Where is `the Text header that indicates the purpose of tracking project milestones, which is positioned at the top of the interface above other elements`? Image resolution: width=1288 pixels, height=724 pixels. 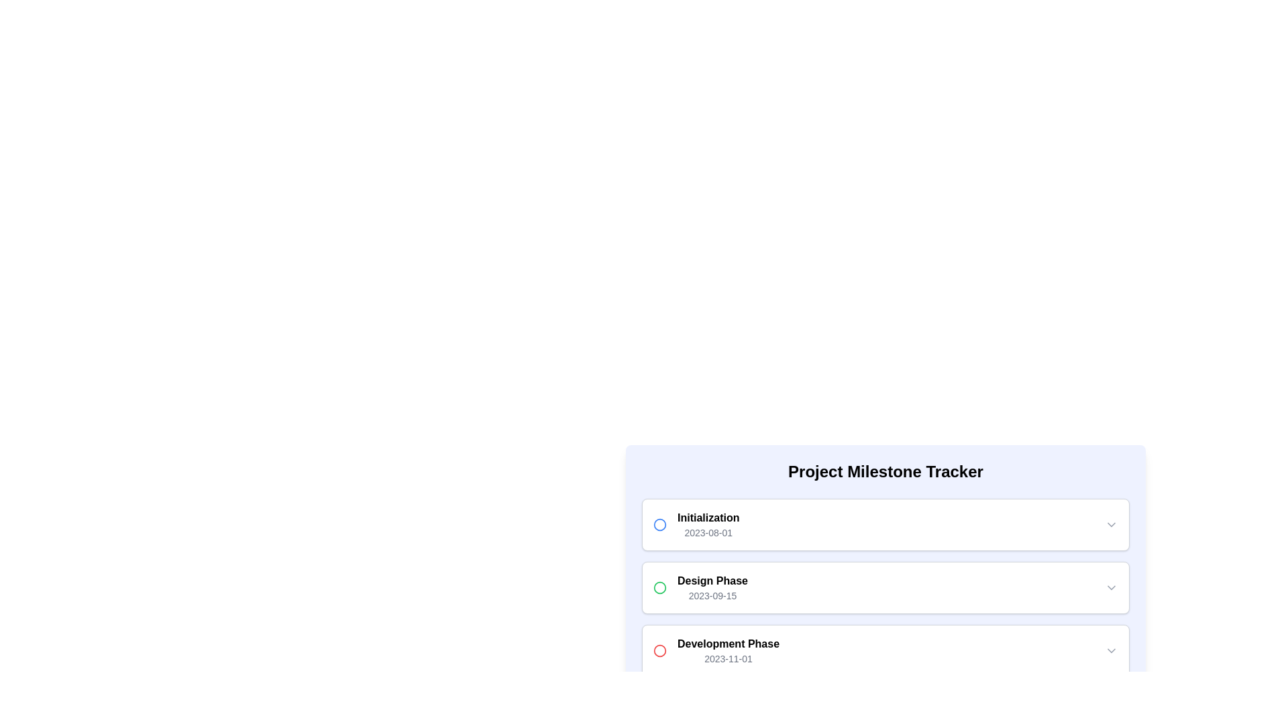
the Text header that indicates the purpose of tracking project milestones, which is positioned at the top of the interface above other elements is located at coordinates (885, 471).